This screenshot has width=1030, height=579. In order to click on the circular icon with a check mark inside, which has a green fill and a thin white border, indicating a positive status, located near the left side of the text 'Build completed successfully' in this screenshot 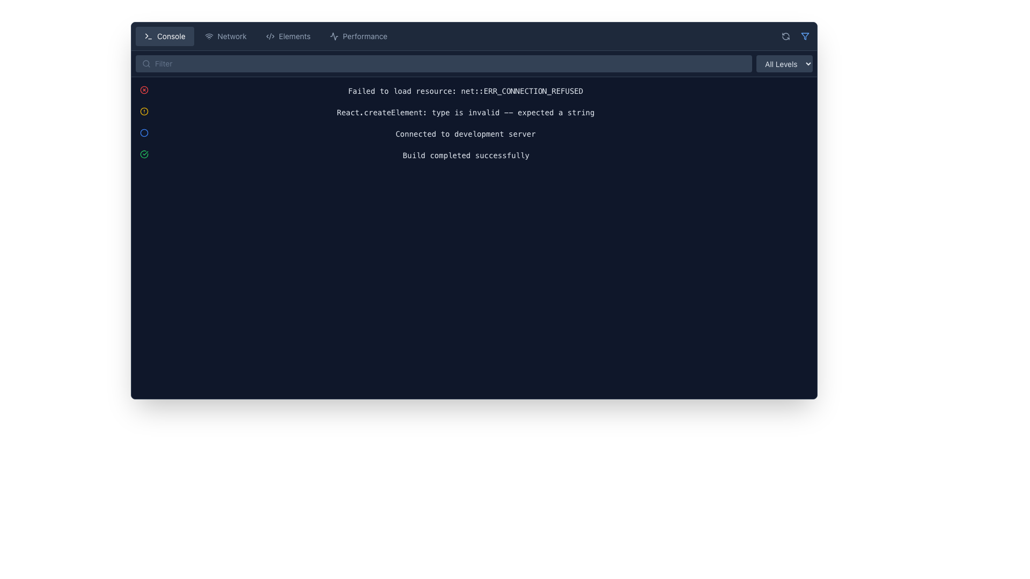, I will do `click(143, 154)`.